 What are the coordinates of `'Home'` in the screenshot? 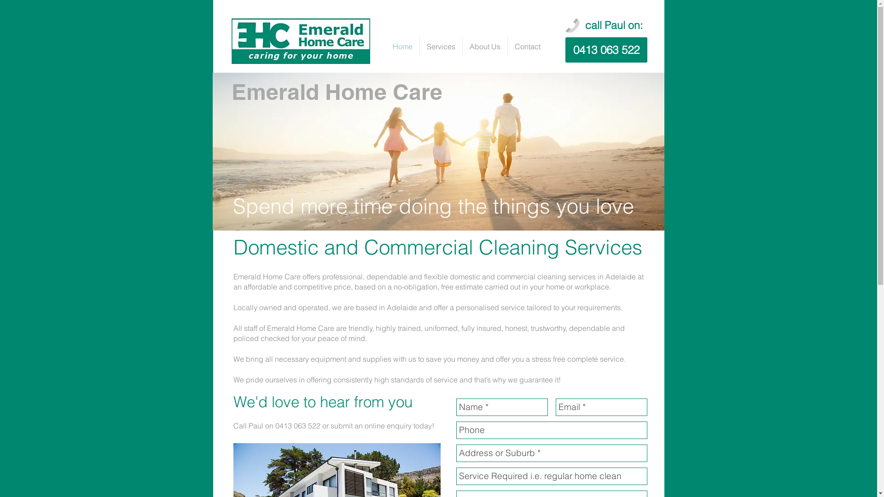 It's located at (402, 46).